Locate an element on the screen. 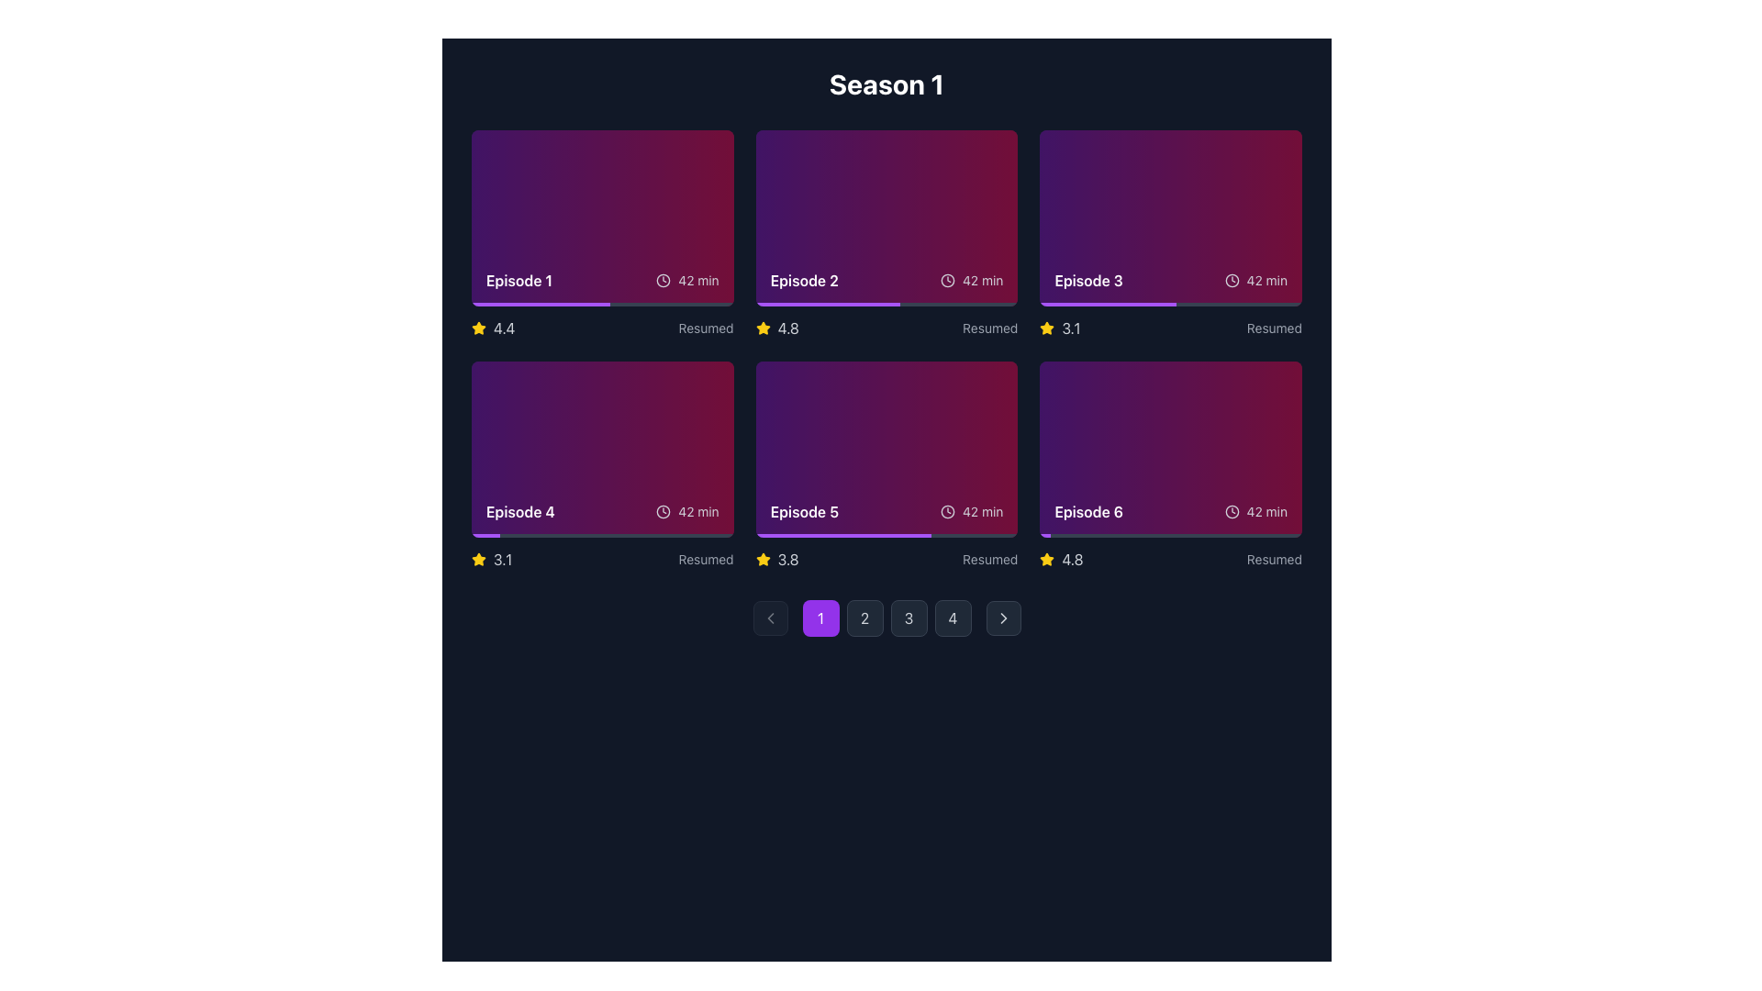 This screenshot has height=991, width=1762. Text label with the clock icon showing '42 min', located in the metadata section to the right of 'Episode 5' in the card layout for the fifth episode is located at coordinates (971, 512).